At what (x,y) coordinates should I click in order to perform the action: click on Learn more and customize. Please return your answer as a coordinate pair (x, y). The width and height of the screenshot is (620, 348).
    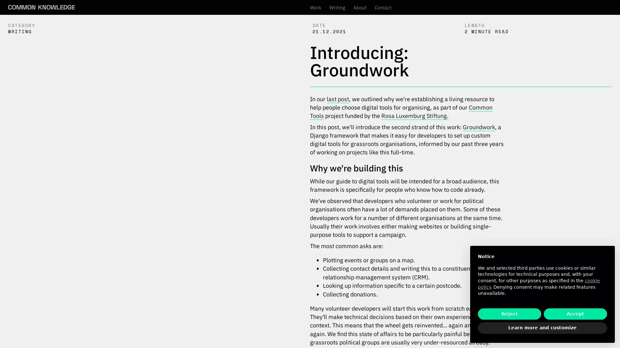
    Looking at the image, I should click on (542, 328).